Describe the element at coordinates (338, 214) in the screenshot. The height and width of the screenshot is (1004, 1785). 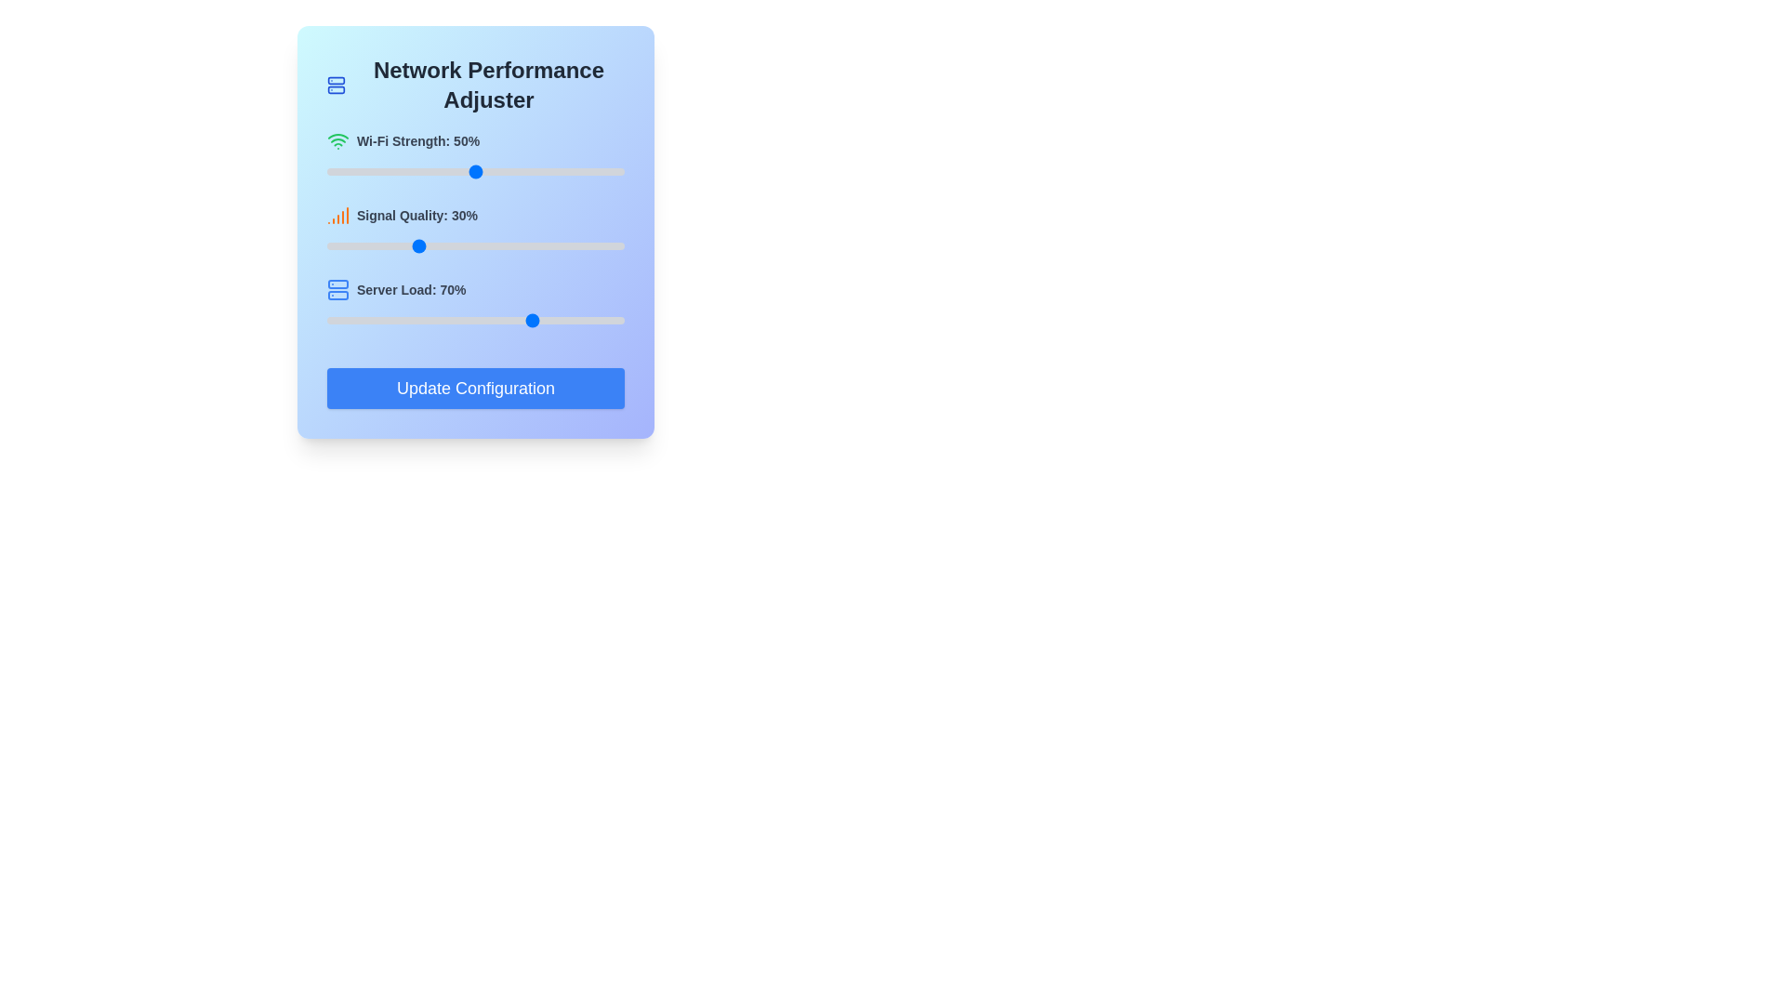
I see `the signal quality icon that visually represents signal quality and is located to the left of the text label showing 'Signal Quality: 30%'` at that location.